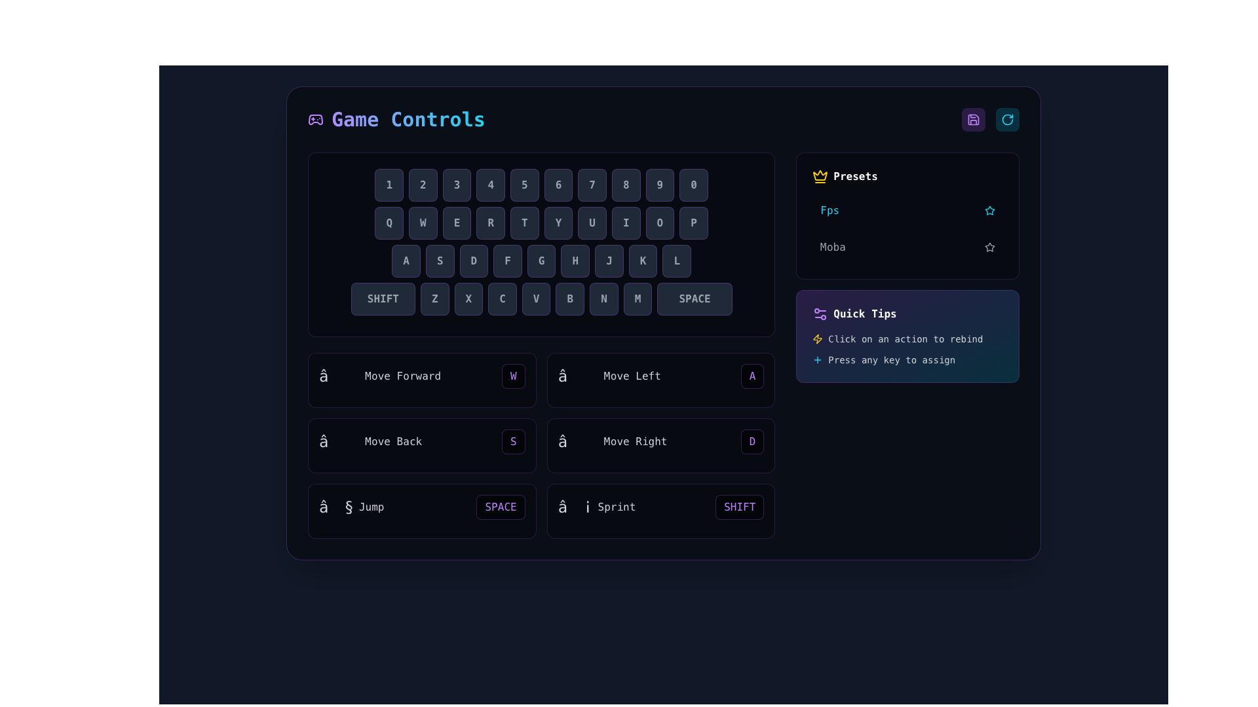  I want to click on the virtual keyboard button representing the 'F' key, located centrally in the keyboard layout between the buttons 'D' and 'G', so click(507, 261).